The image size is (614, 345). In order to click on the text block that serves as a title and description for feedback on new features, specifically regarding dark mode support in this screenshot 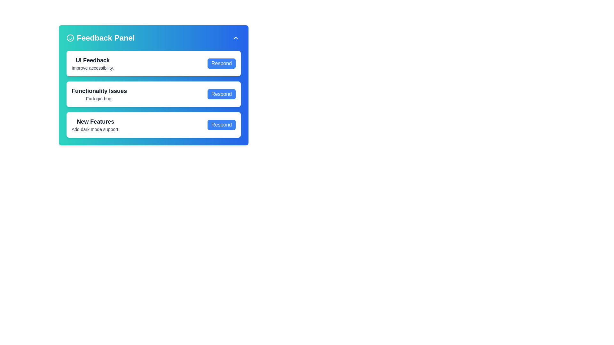, I will do `click(95, 125)`.